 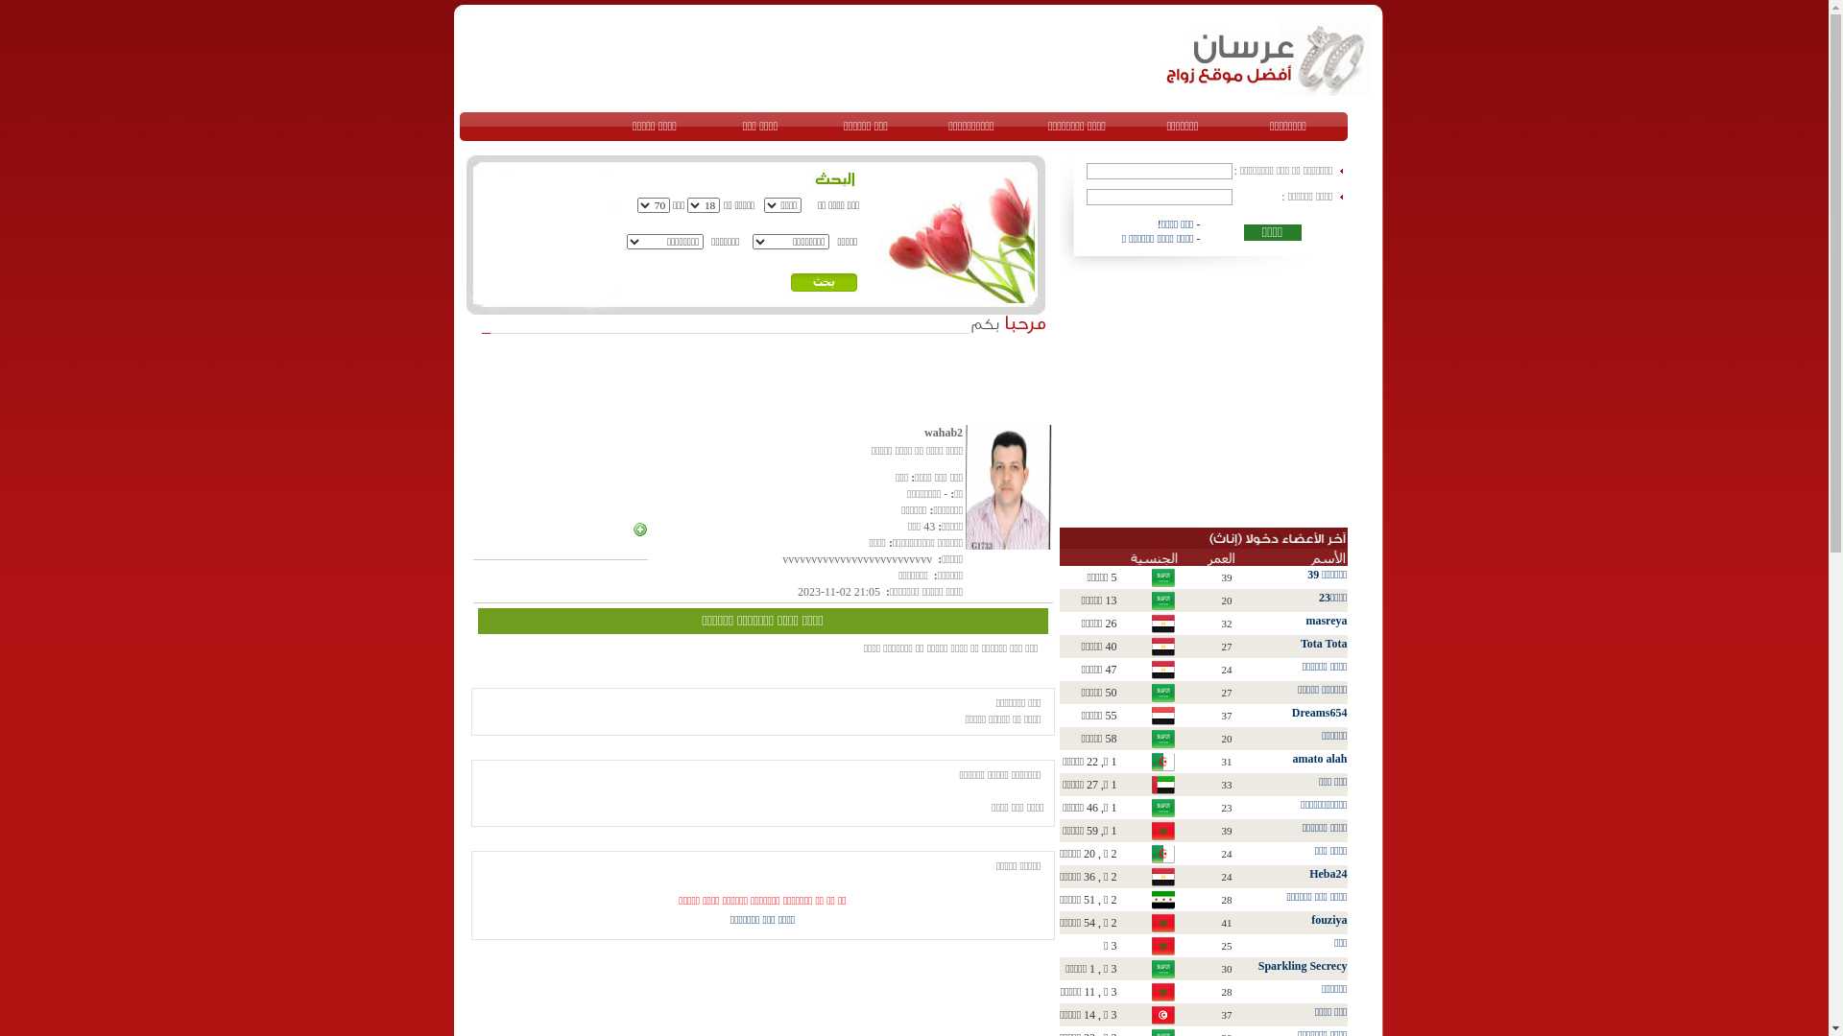 What do you see at coordinates (694, 380) in the screenshot?
I see `'Advertisement'` at bounding box center [694, 380].